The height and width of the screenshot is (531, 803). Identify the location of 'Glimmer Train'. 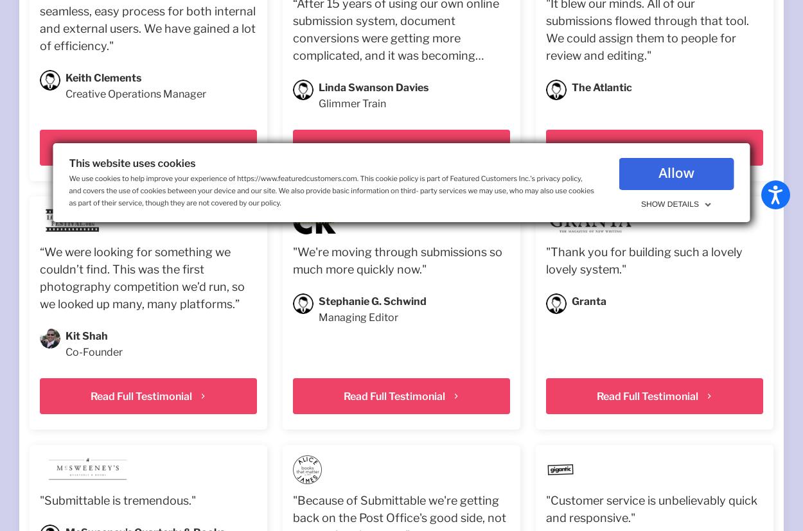
(351, 103).